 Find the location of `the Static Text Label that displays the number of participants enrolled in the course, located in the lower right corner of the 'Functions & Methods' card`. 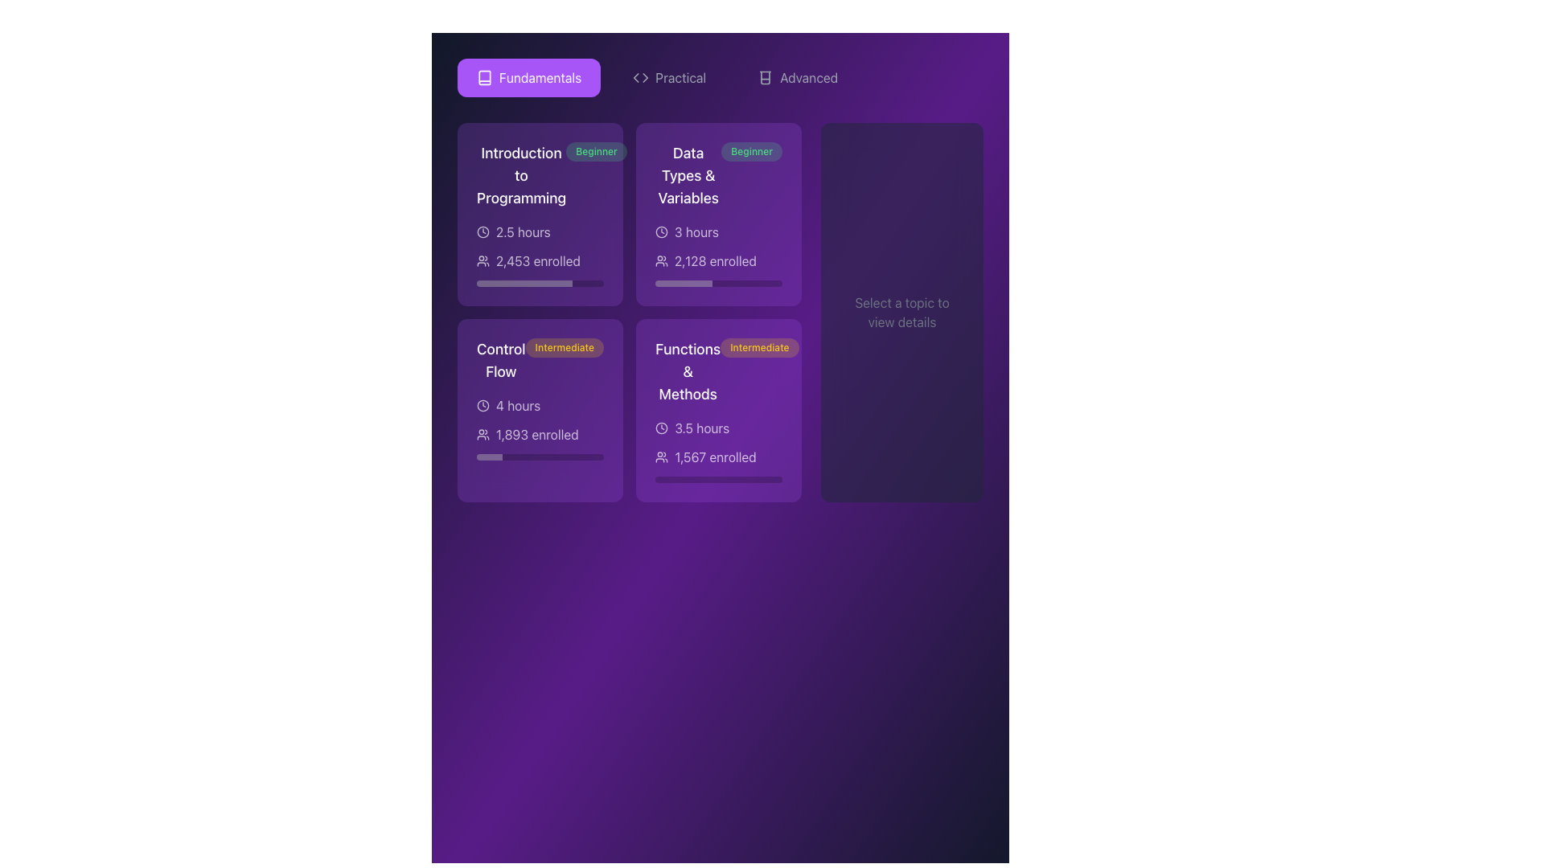

the Static Text Label that displays the number of participants enrolled in the course, located in the lower right corner of the 'Functions & Methods' card is located at coordinates (714, 457).